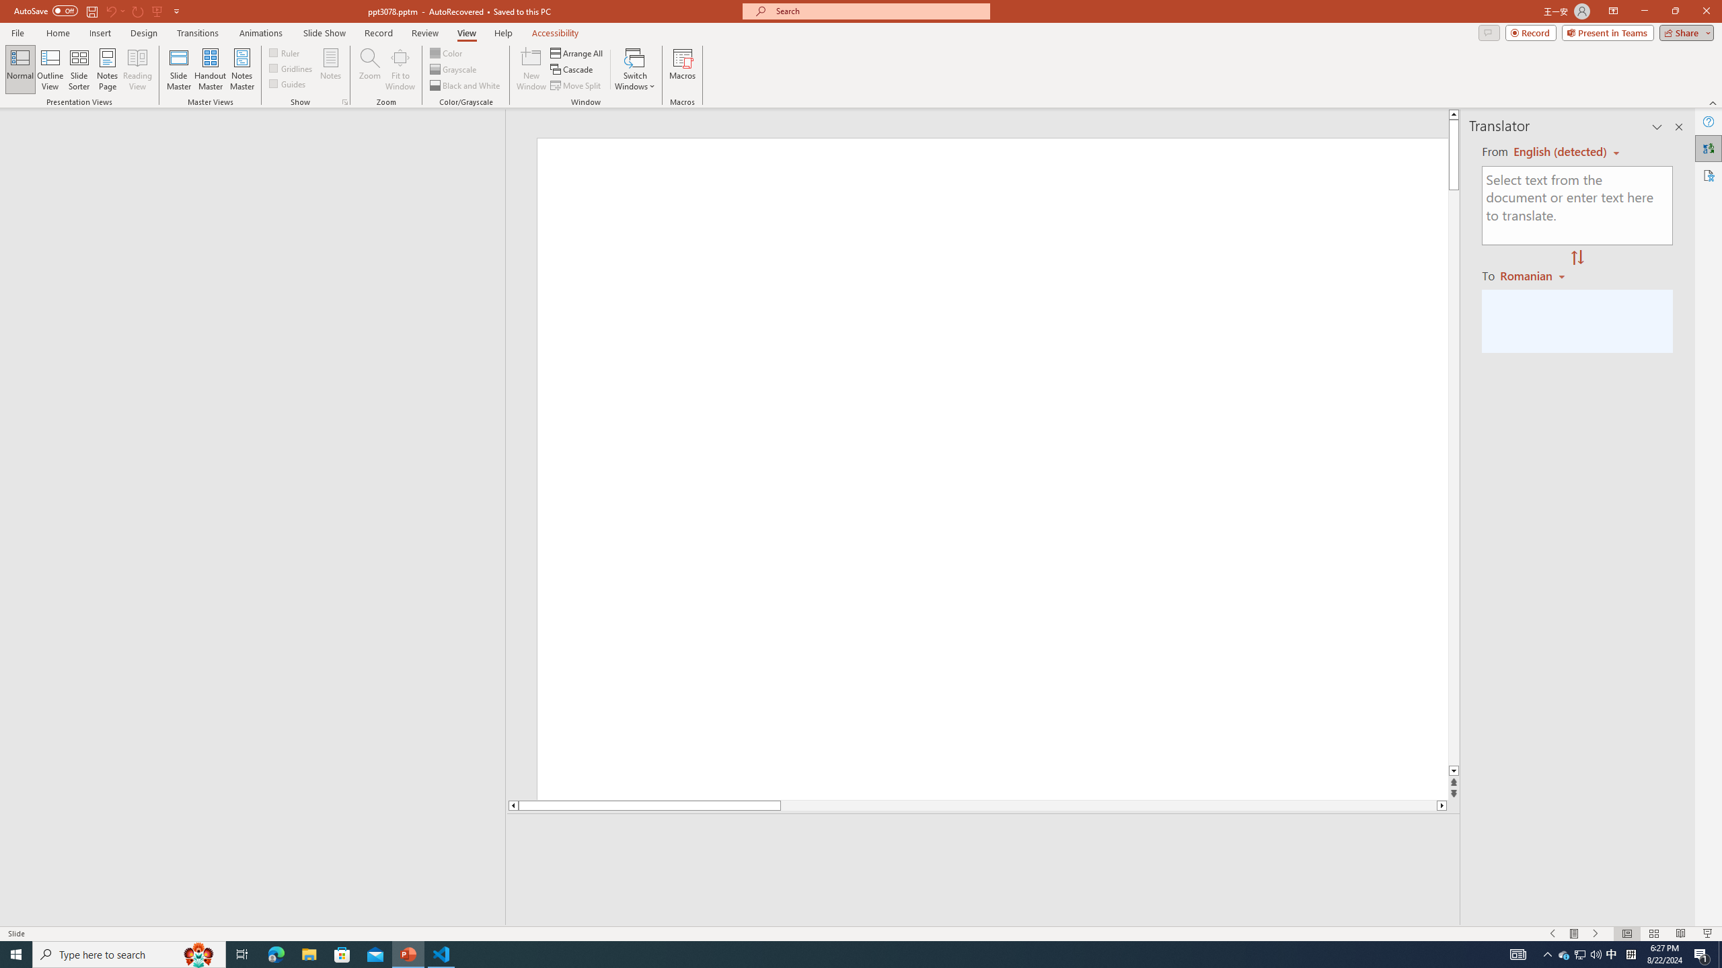 The image size is (1722, 968). Describe the element at coordinates (288, 82) in the screenshot. I see `'Guides'` at that location.